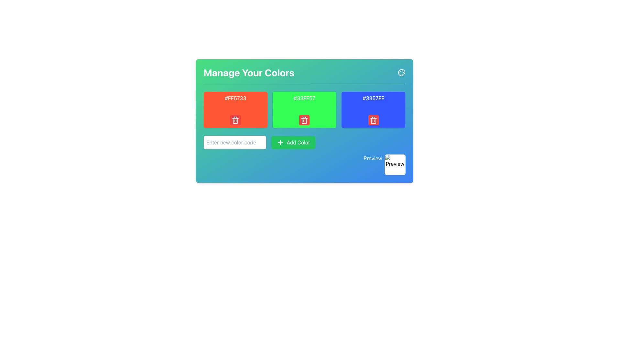 Image resolution: width=621 pixels, height=349 pixels. I want to click on the text label displaying the hexadecimal color code '#33FF57', which is located centrally within the middle green card under the heading 'Manage Your Colors', so click(304, 98).